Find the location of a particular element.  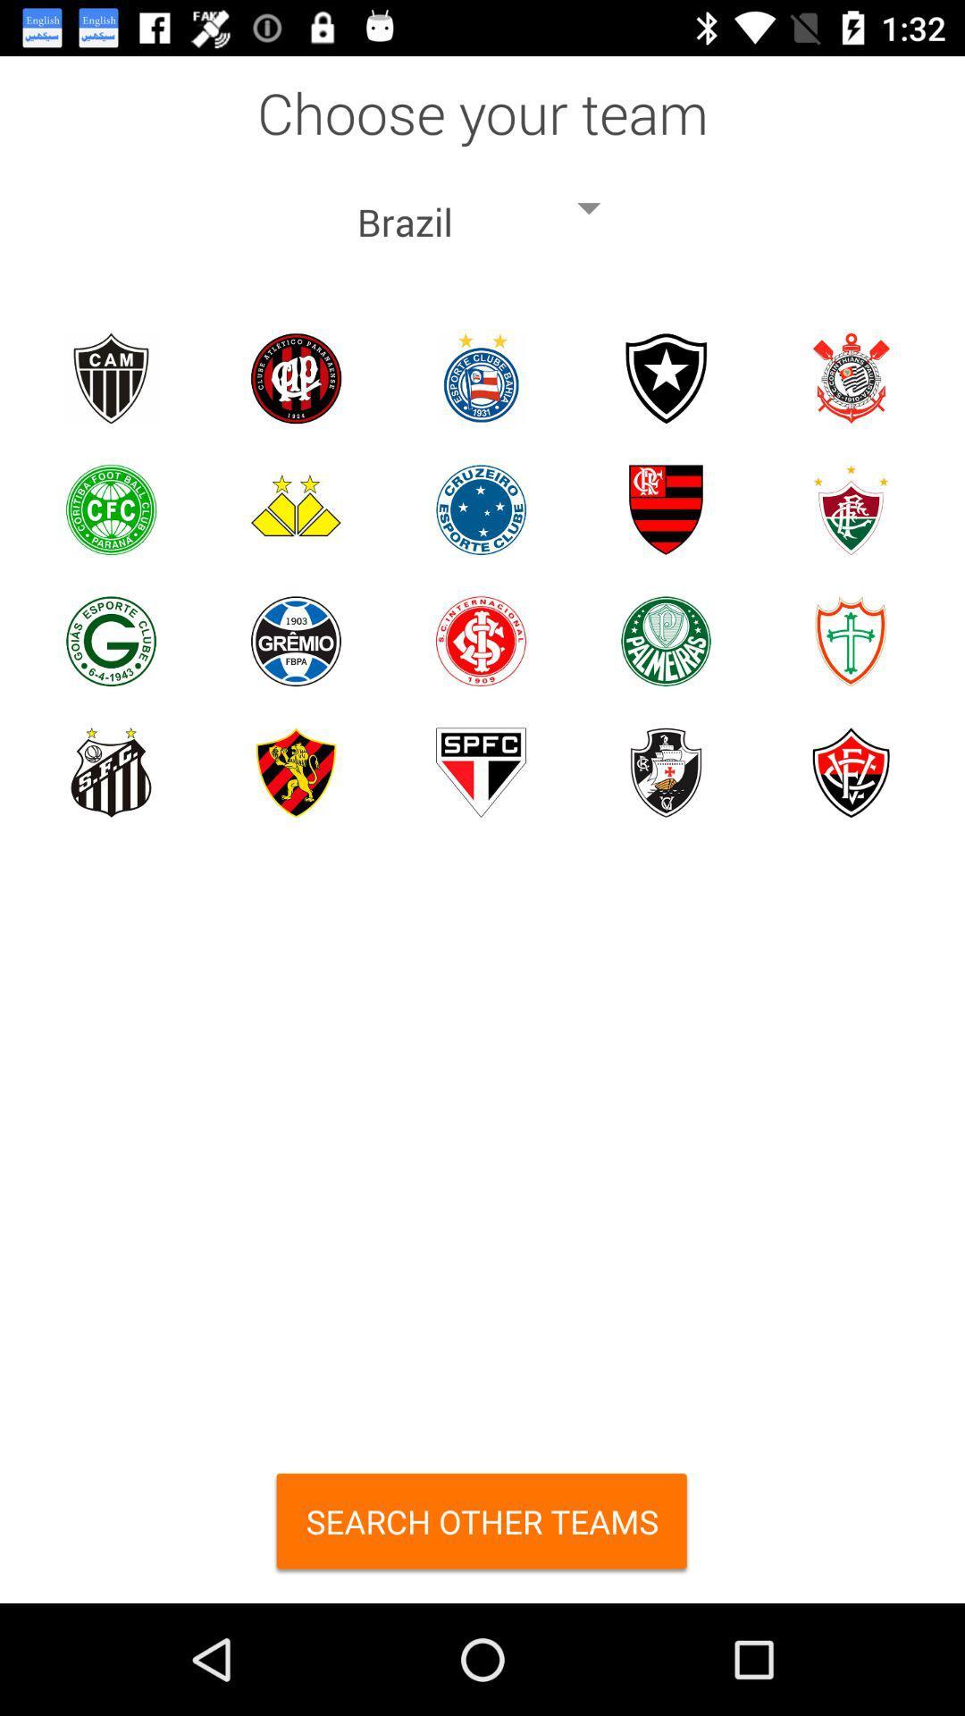

botafogo regatas is located at coordinates (666, 377).